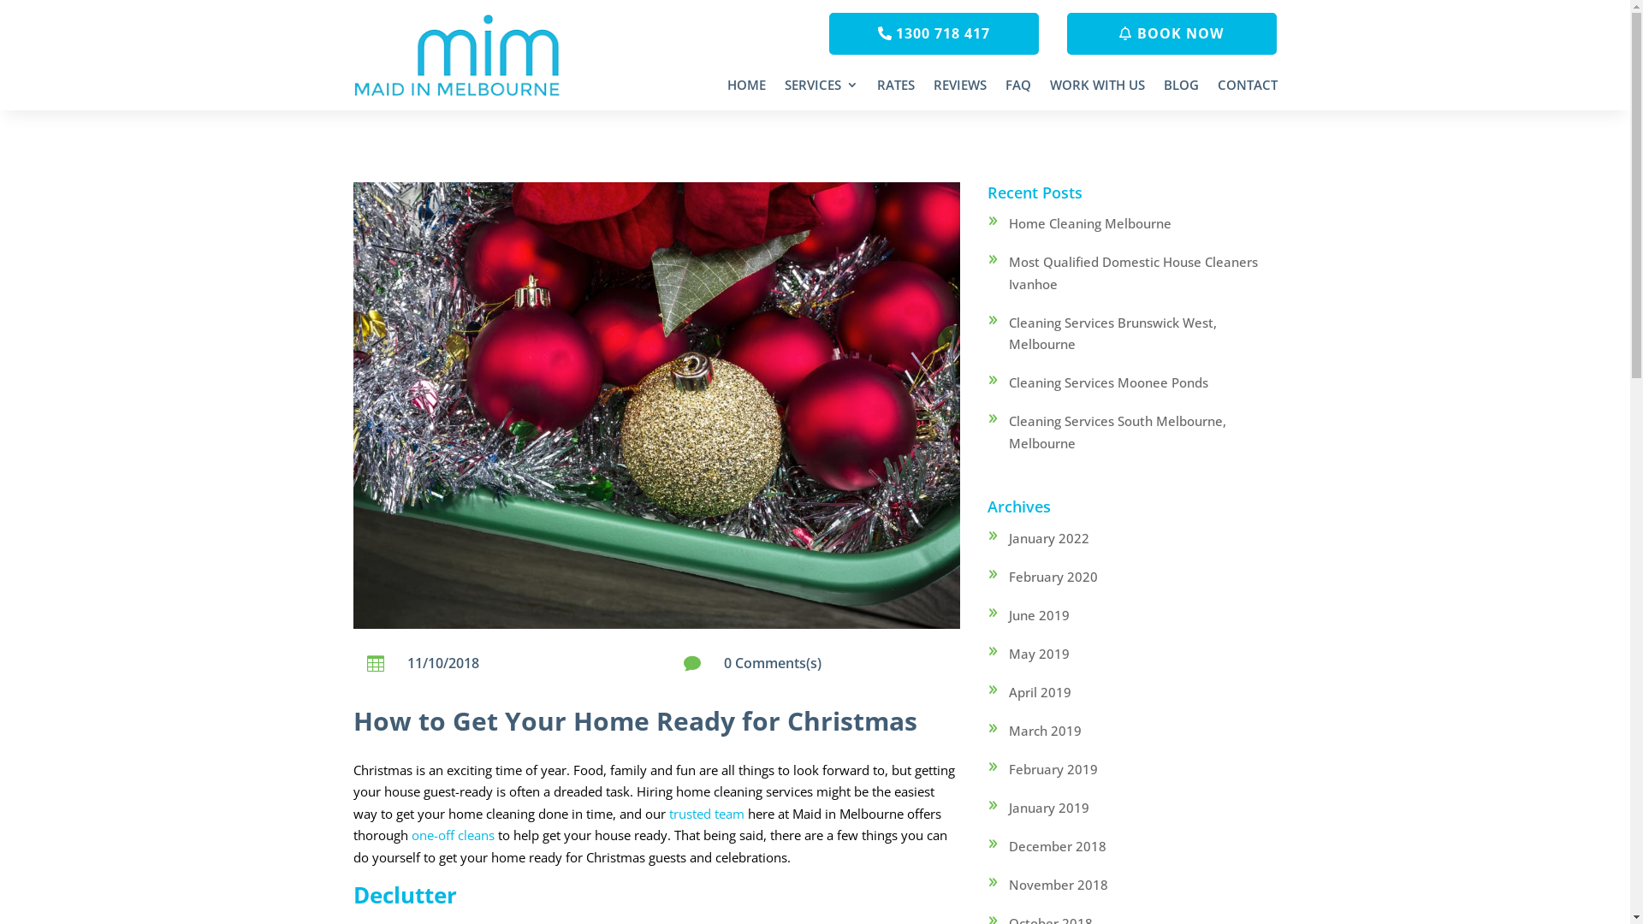  What do you see at coordinates (706, 813) in the screenshot?
I see `'trusted team'` at bounding box center [706, 813].